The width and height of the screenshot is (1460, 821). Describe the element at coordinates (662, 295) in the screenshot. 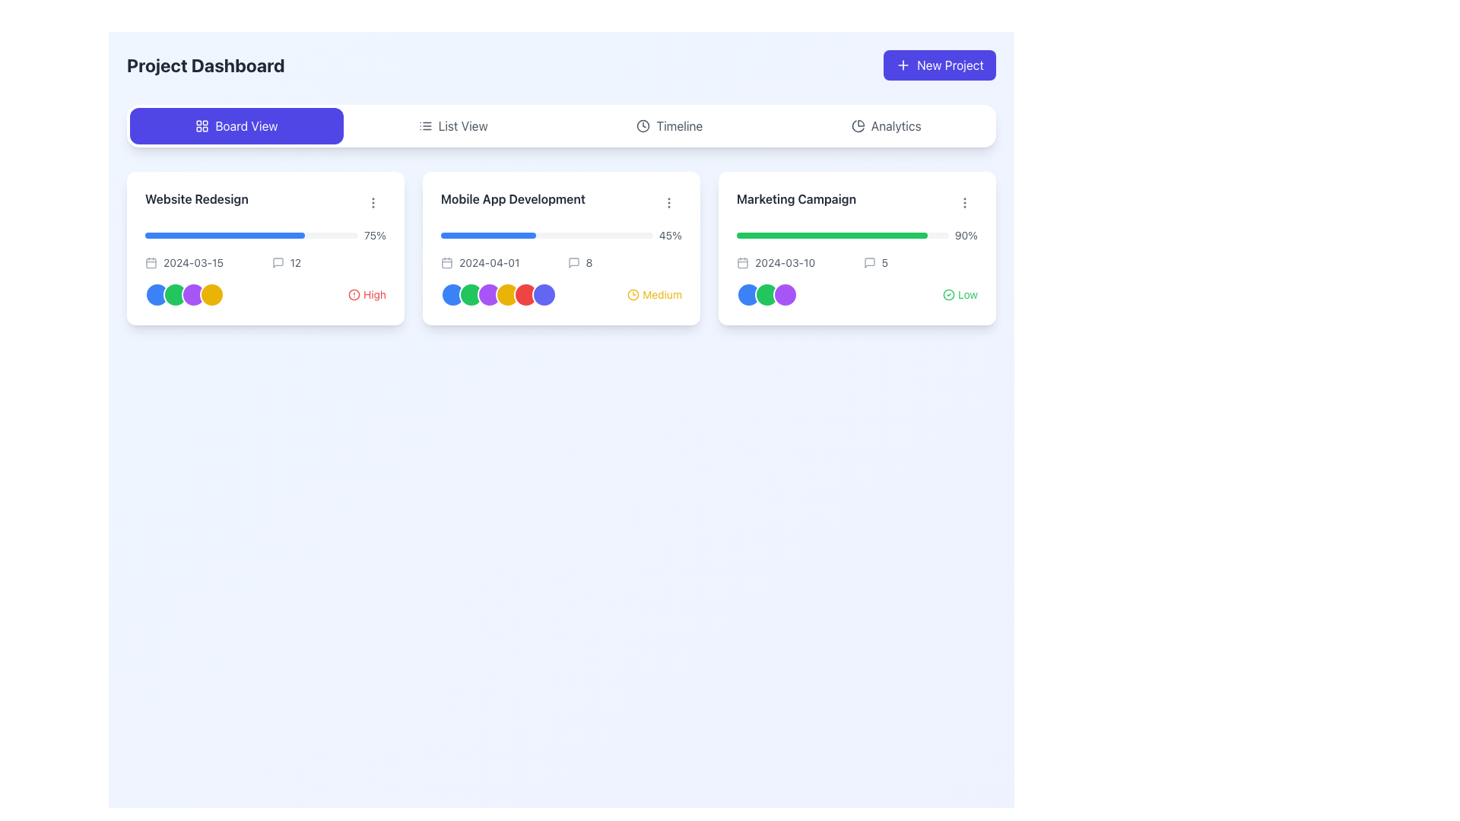

I see `the 'Medium' text label indicating the priority level within the 'Mobile App Development' card, located to the right of the clock icon` at that location.